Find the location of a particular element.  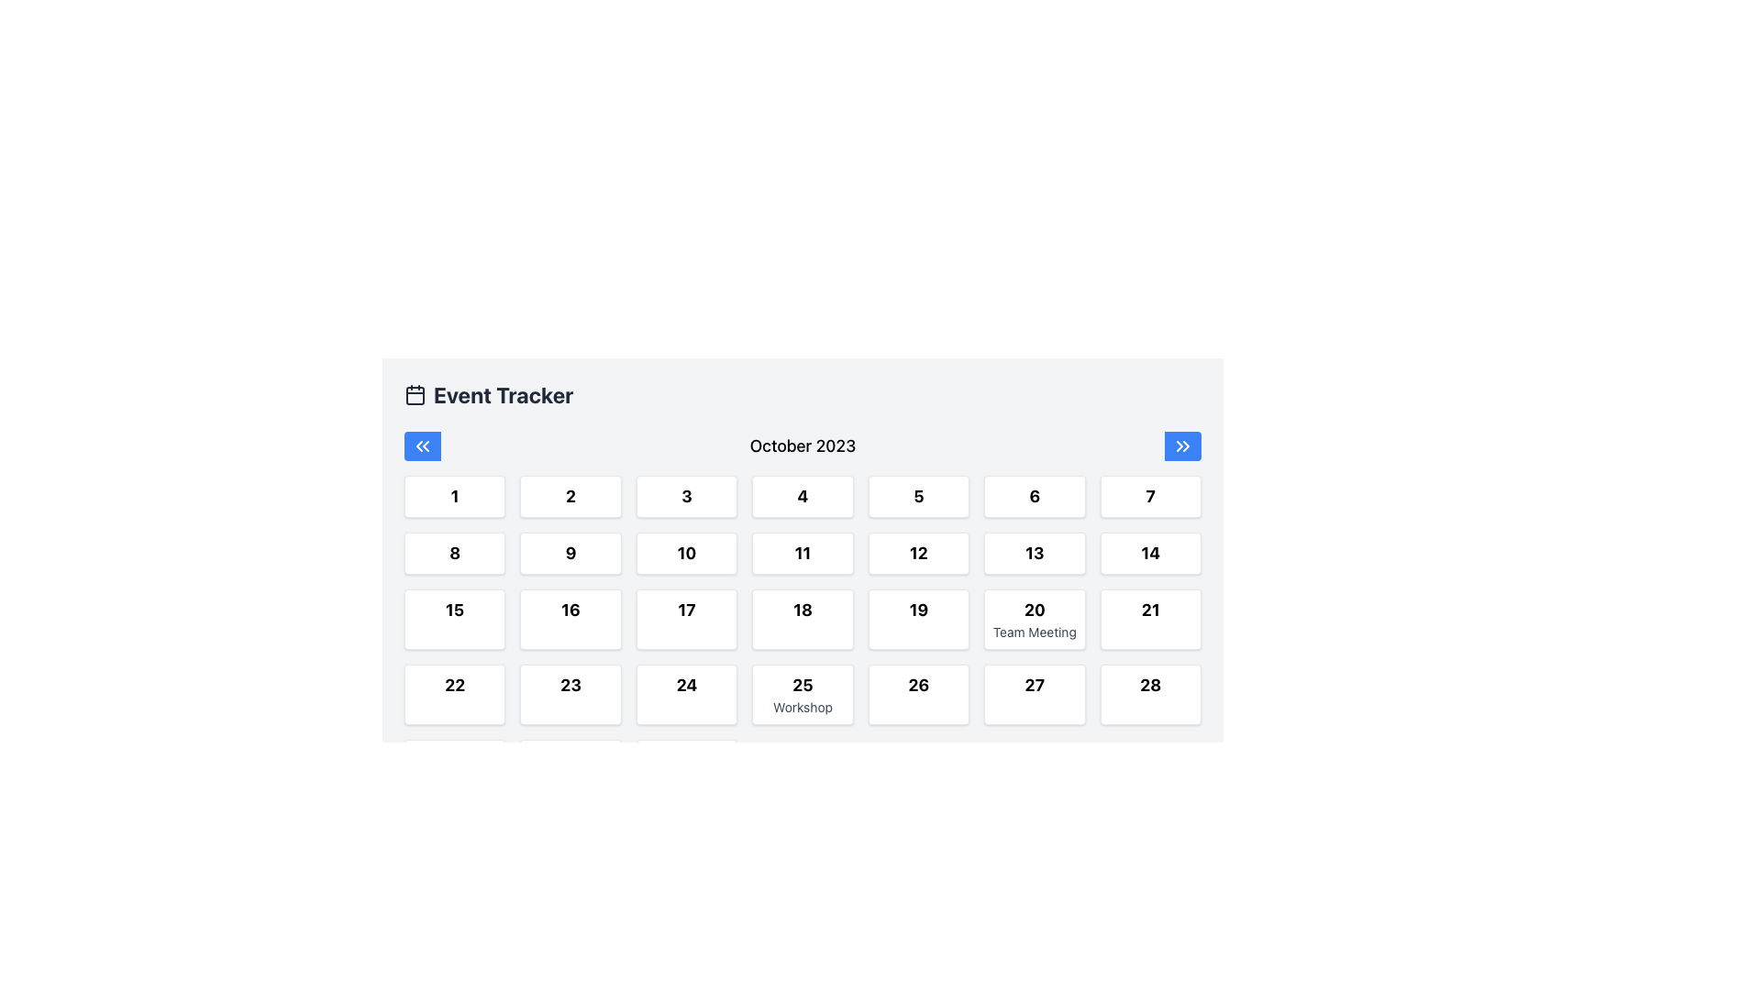

on the text label displaying the date 10th of October 2023 in the second row and third column of the calendar grid is located at coordinates (685, 553).